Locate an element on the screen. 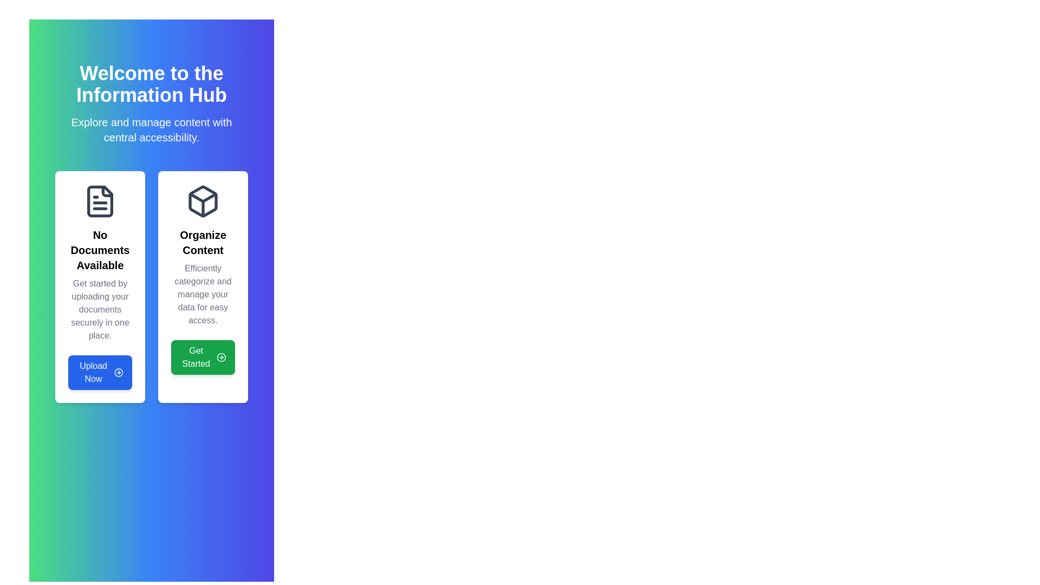 Image resolution: width=1040 pixels, height=585 pixels. the SVG document icon, which is a minimal stroke design with a folded corner and horizontal markings, located centrally in the left column of two cards above the 'No Documents Available' text is located at coordinates (100, 201).